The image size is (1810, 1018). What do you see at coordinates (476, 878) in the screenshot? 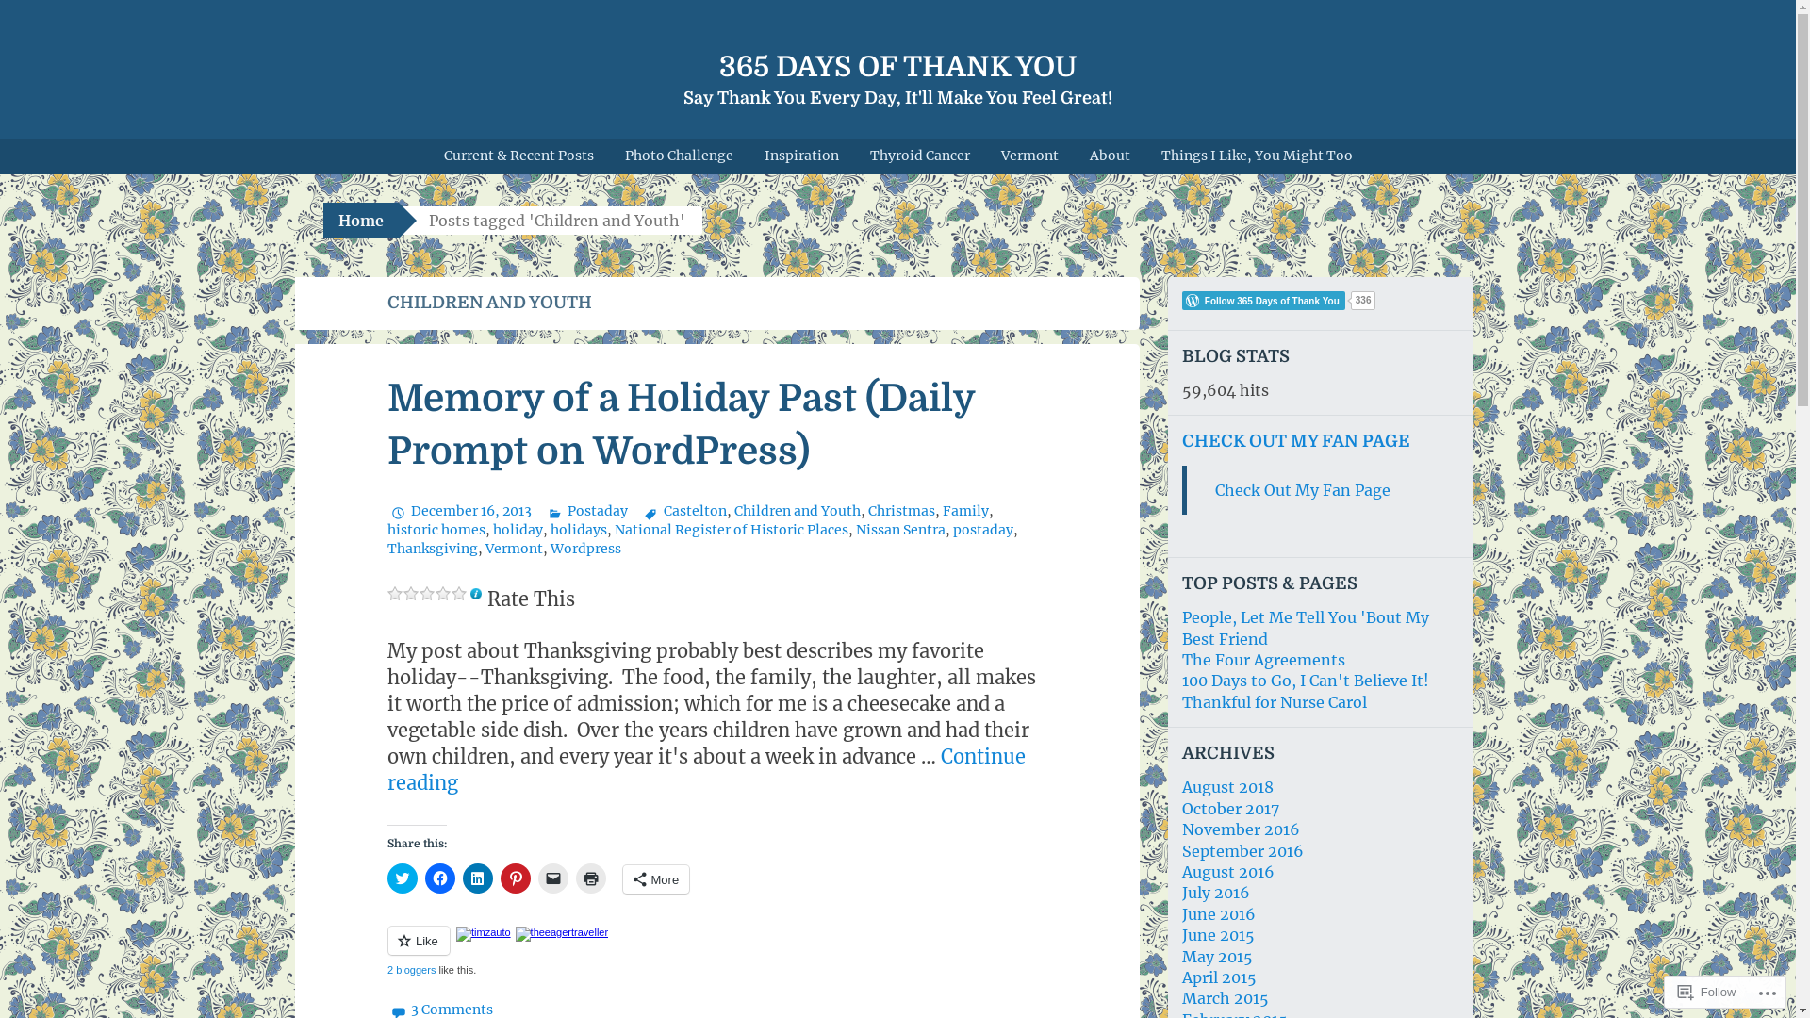
I see `'Click to share on LinkedIn (Opens in new window)'` at bounding box center [476, 878].